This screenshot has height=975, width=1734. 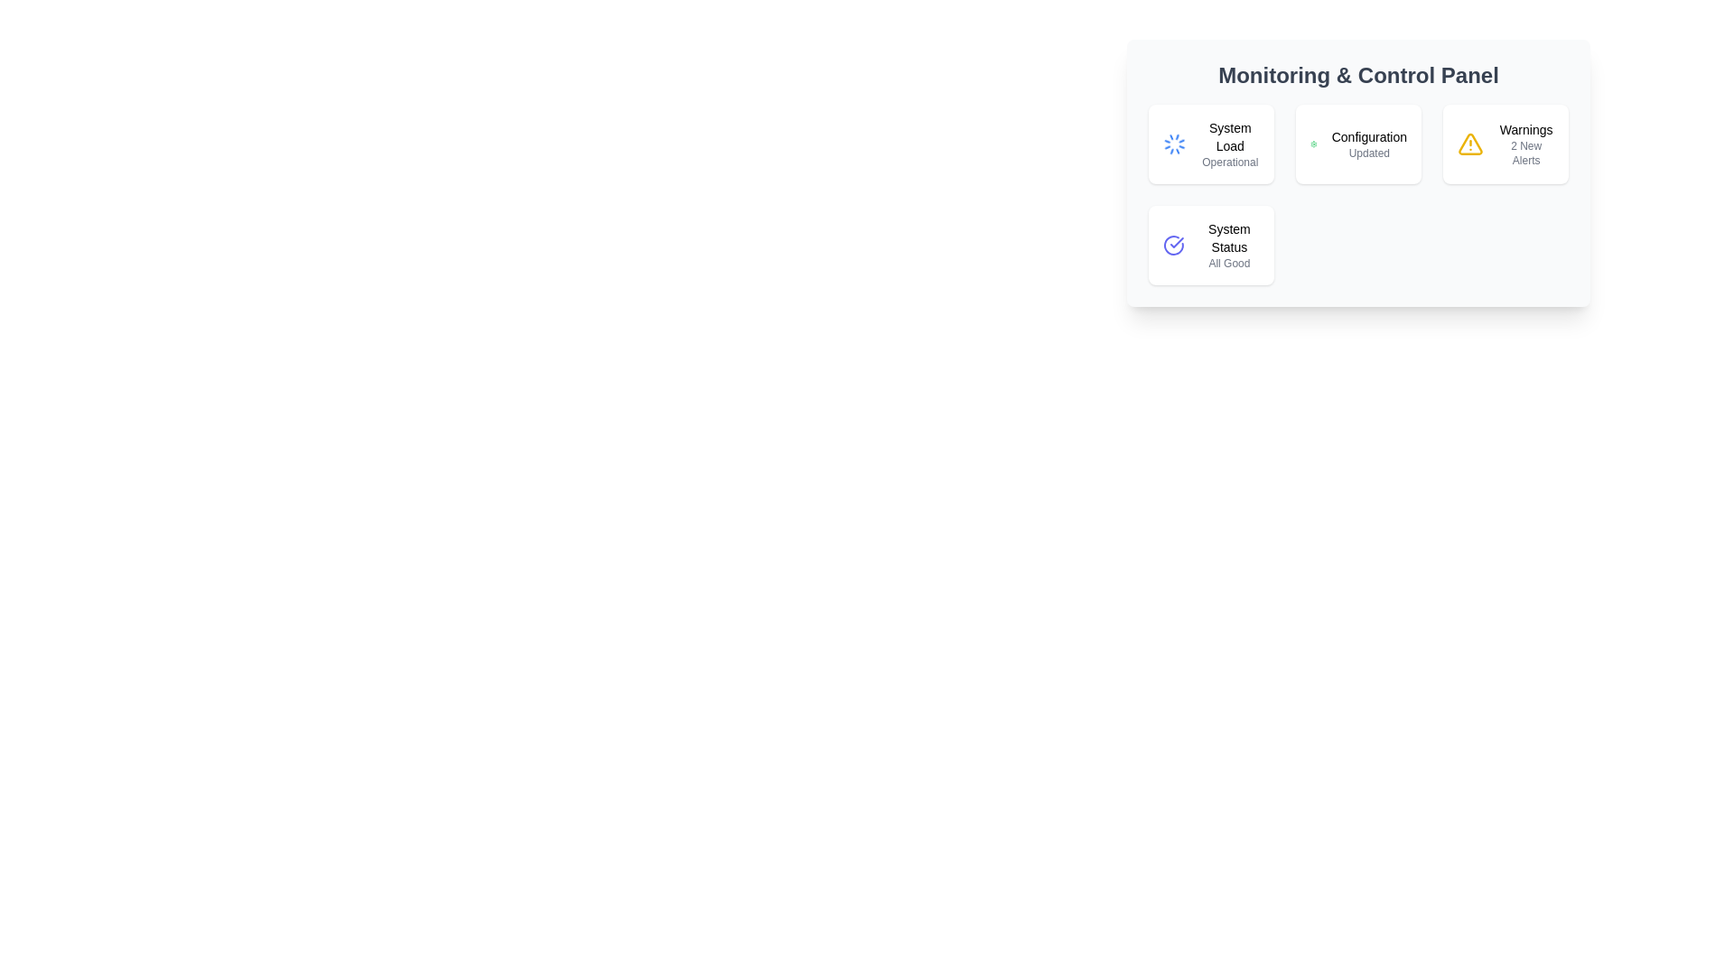 I want to click on the text label displaying '2 New Alerts' located in the 'Warnings' section of the panel, which is the second line of text below the 'Warnings' header in the top-right corner of the interface, so click(x=1525, y=152).